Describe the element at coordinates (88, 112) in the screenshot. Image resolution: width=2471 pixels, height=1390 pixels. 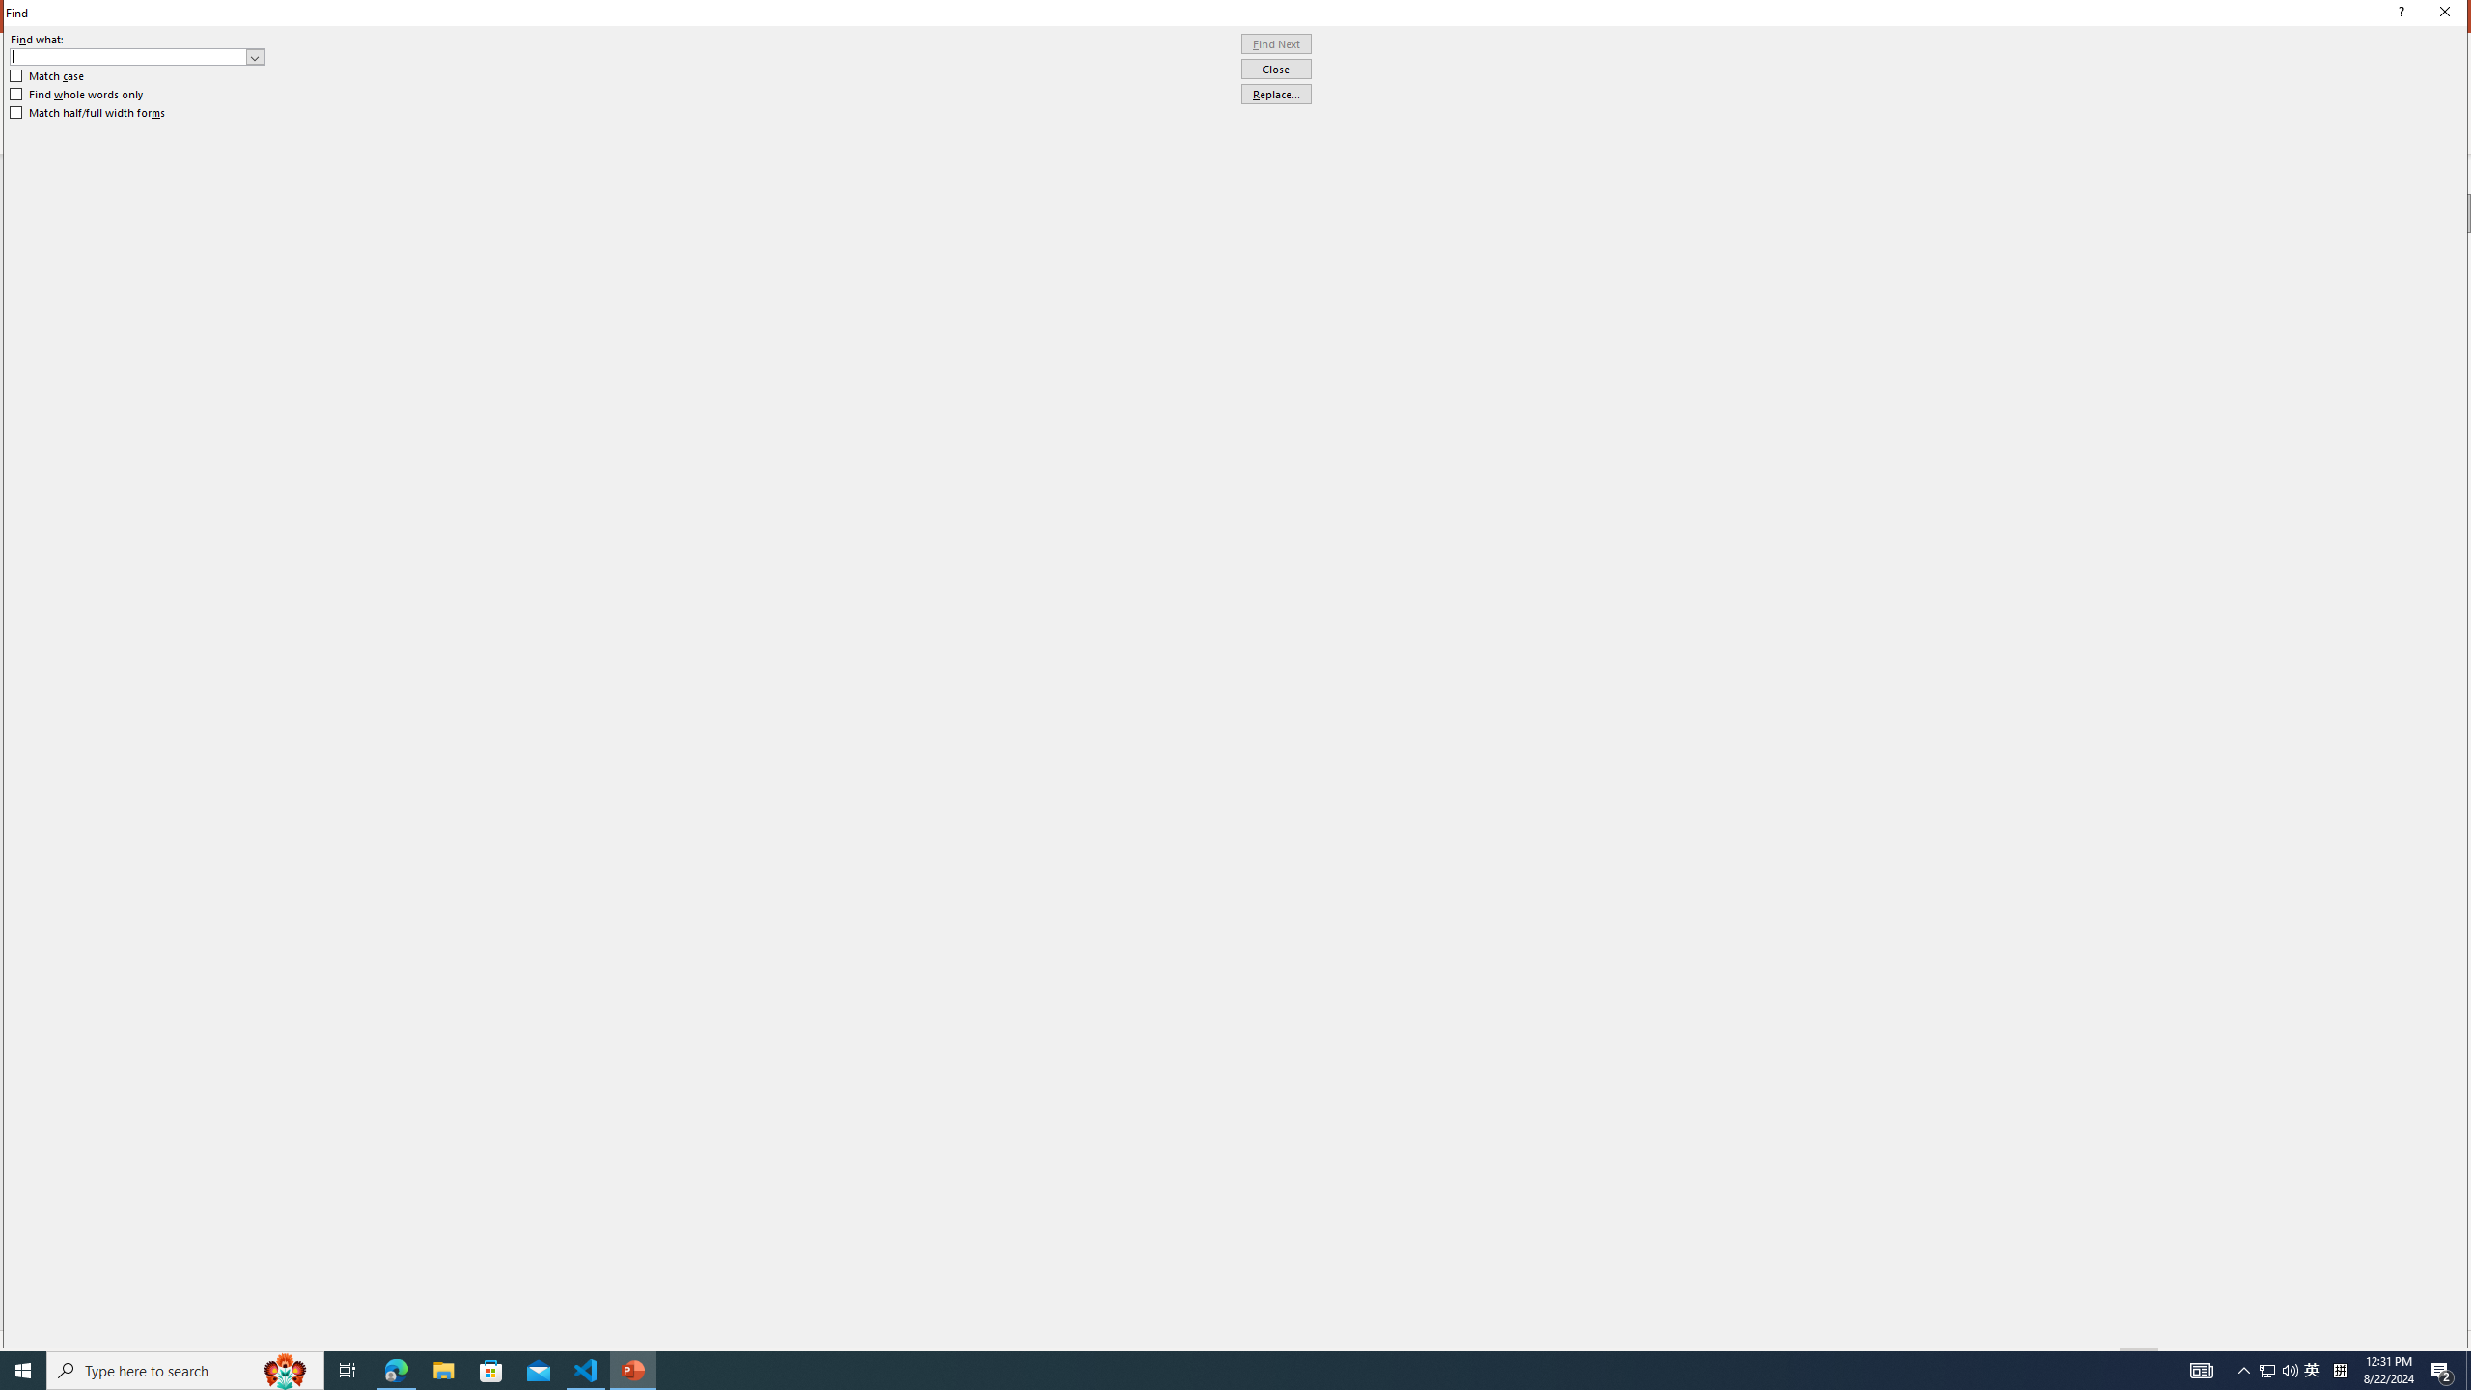
I see `'Match half/full width forms'` at that location.